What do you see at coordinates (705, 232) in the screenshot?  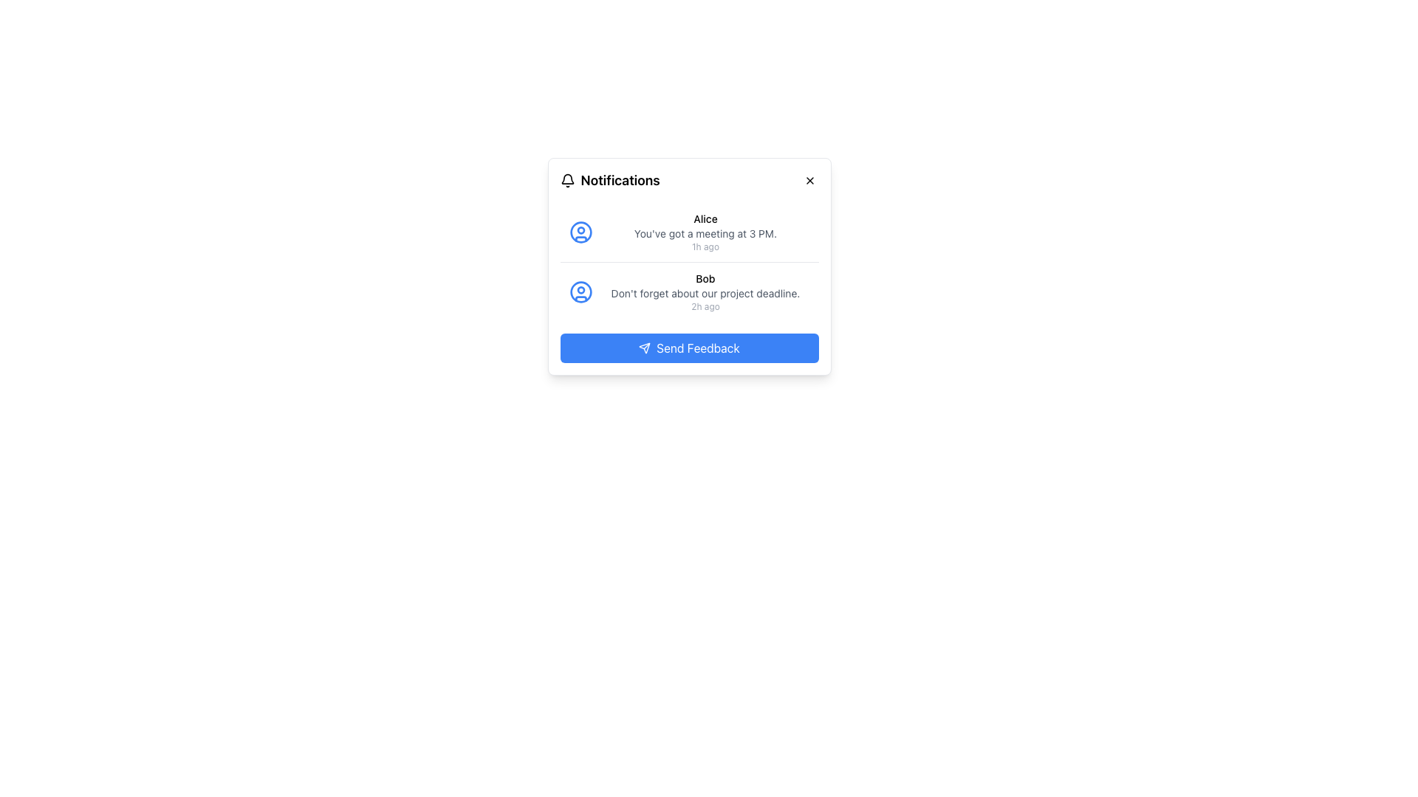 I see `notification message text that informs the user of an upcoming meeting schedule, located in the second notification entry below the 'Alice' label` at bounding box center [705, 232].